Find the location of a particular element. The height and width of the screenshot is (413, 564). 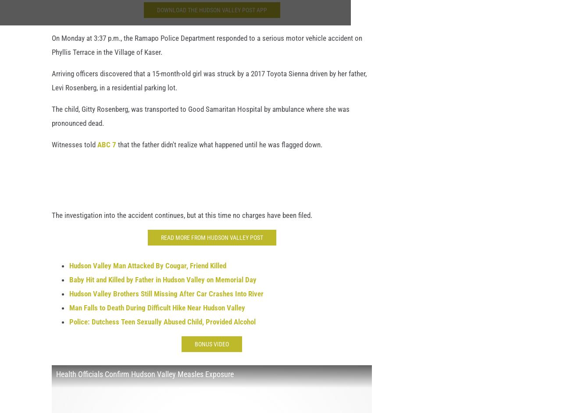

'The investigation into the accident continues, but at this time no charges have been filed.' is located at coordinates (181, 220).